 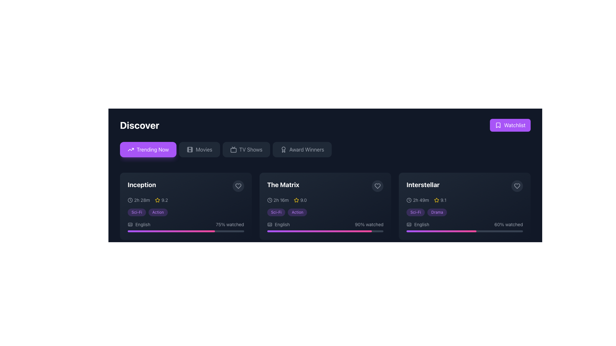 What do you see at coordinates (141, 200) in the screenshot?
I see `the Text Label displaying the duration of the movie 'Inception', which is located to the right of the clock icon in the first card of the movie list` at bounding box center [141, 200].